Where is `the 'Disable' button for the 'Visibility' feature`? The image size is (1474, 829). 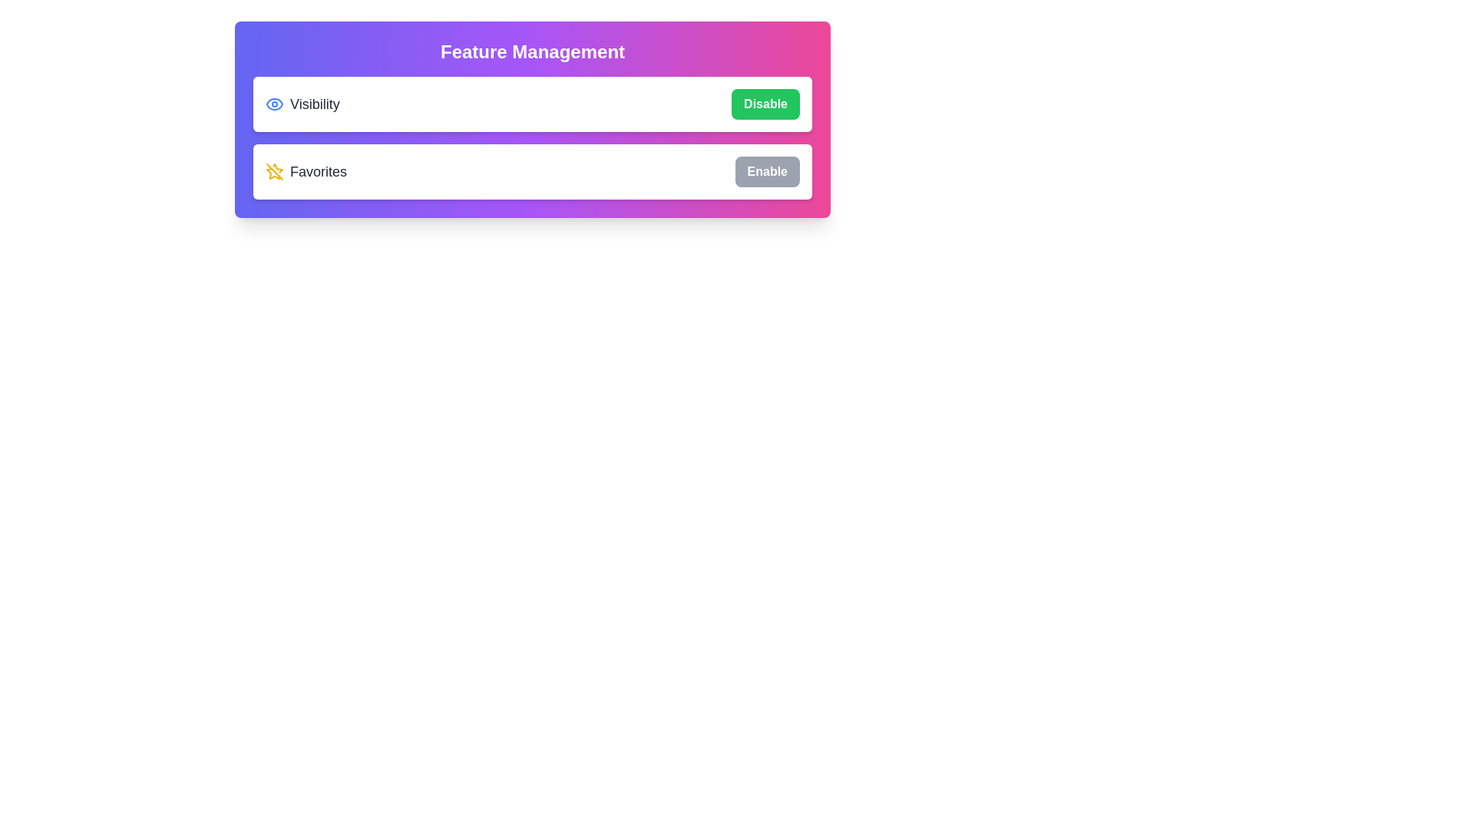 the 'Disable' button for the 'Visibility' feature is located at coordinates (765, 104).